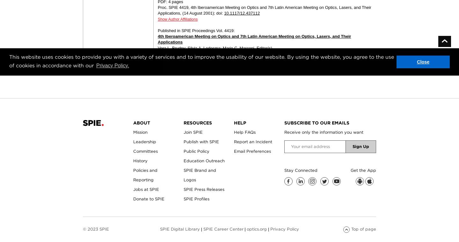 The height and width of the screenshot is (242, 459). What do you see at coordinates (145, 151) in the screenshot?
I see `'Committees'` at bounding box center [145, 151].